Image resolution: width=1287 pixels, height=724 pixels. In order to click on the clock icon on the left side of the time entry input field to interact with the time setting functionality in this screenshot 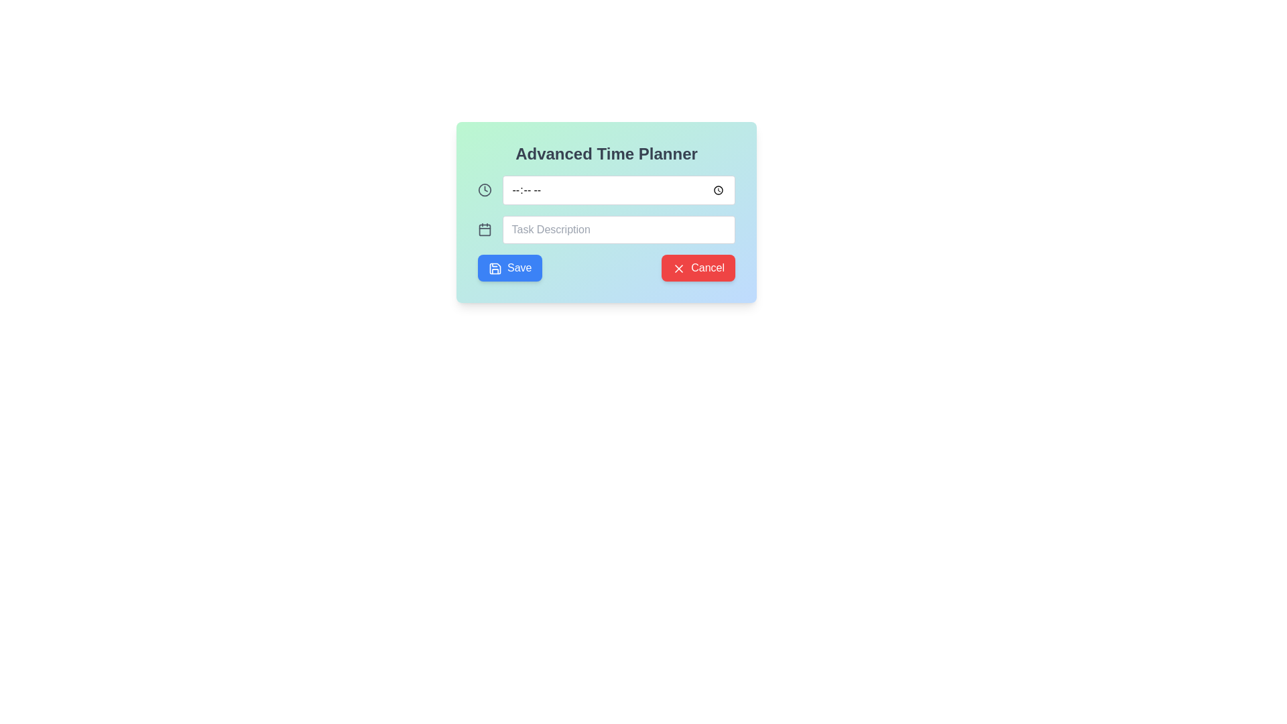, I will do `click(484, 190)`.